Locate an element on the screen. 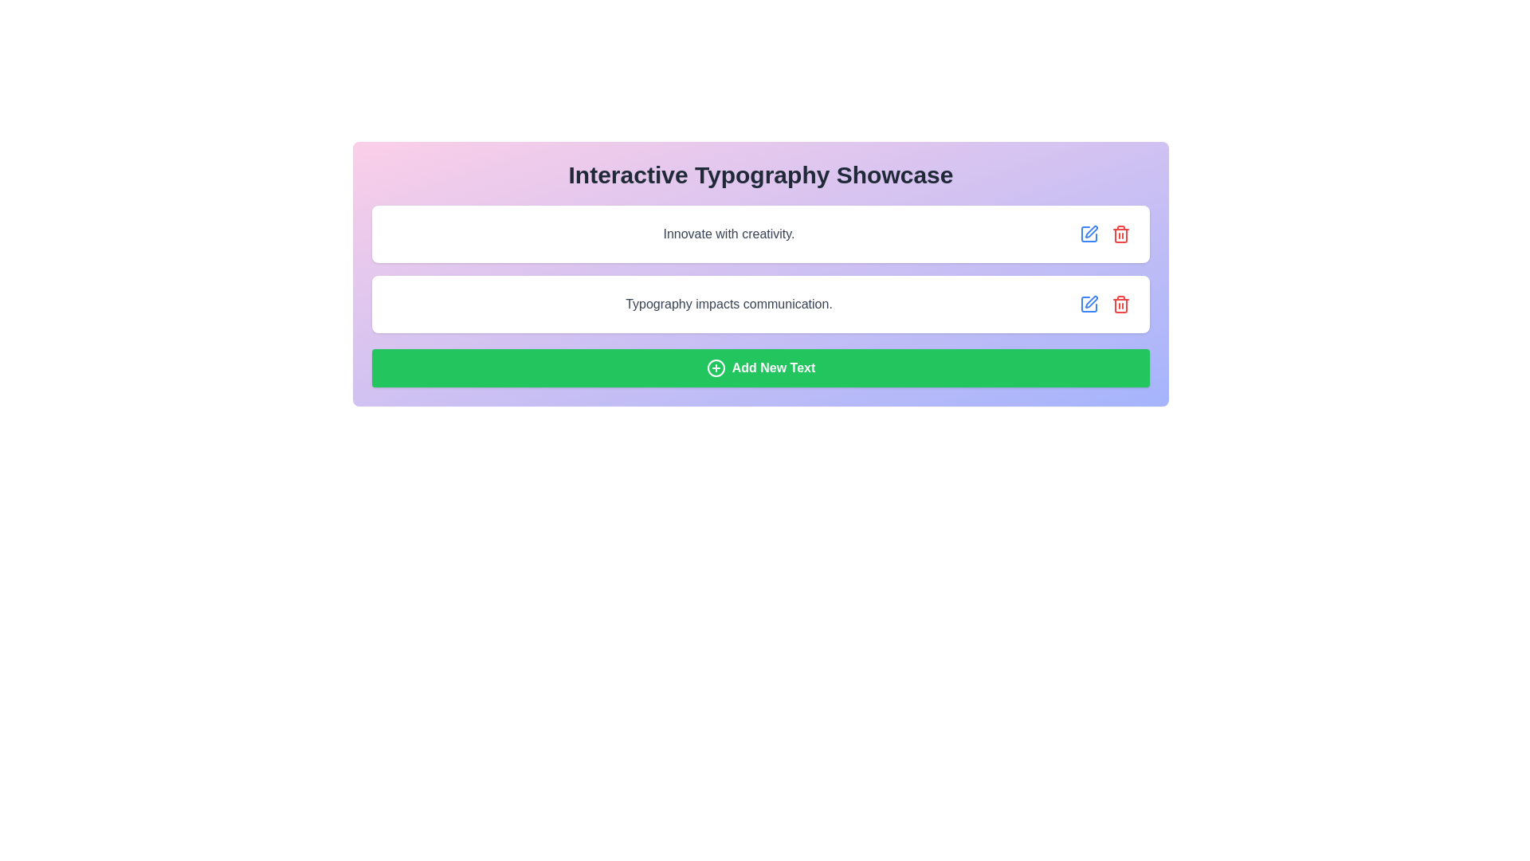 This screenshot has width=1530, height=861. the static text label displaying 'Typography impacts communication' located within a white box with rounded corners and shadow effect, positioned at the center of the interface is located at coordinates (728, 304).